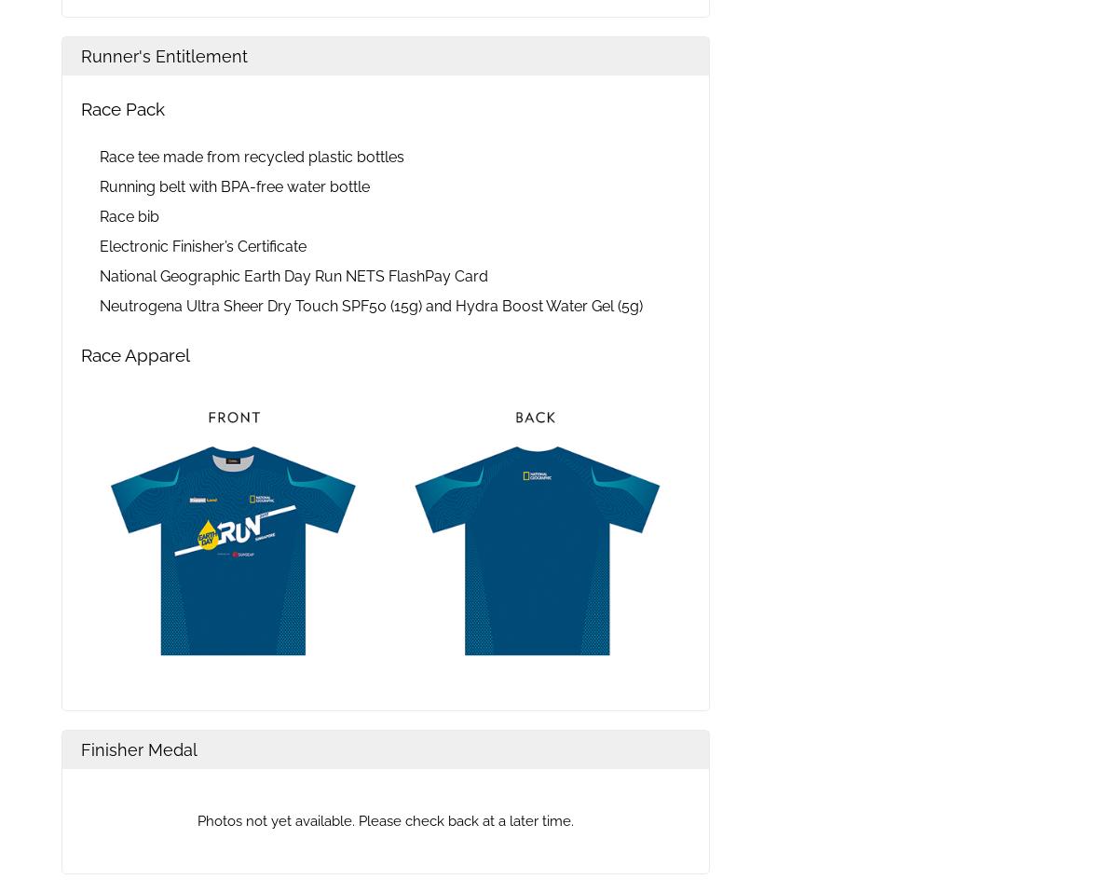 This screenshot has height=893, width=1118. I want to click on 'Neutrogena Ultra Sheer Dry Touch SPF50 (15g) and Hydra Boost Water Gel (5g)', so click(371, 305).